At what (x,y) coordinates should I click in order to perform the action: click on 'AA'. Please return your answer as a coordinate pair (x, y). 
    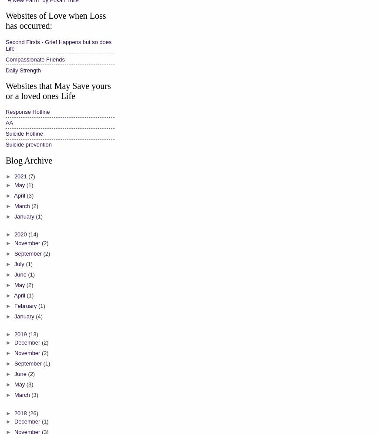
    Looking at the image, I should click on (9, 122).